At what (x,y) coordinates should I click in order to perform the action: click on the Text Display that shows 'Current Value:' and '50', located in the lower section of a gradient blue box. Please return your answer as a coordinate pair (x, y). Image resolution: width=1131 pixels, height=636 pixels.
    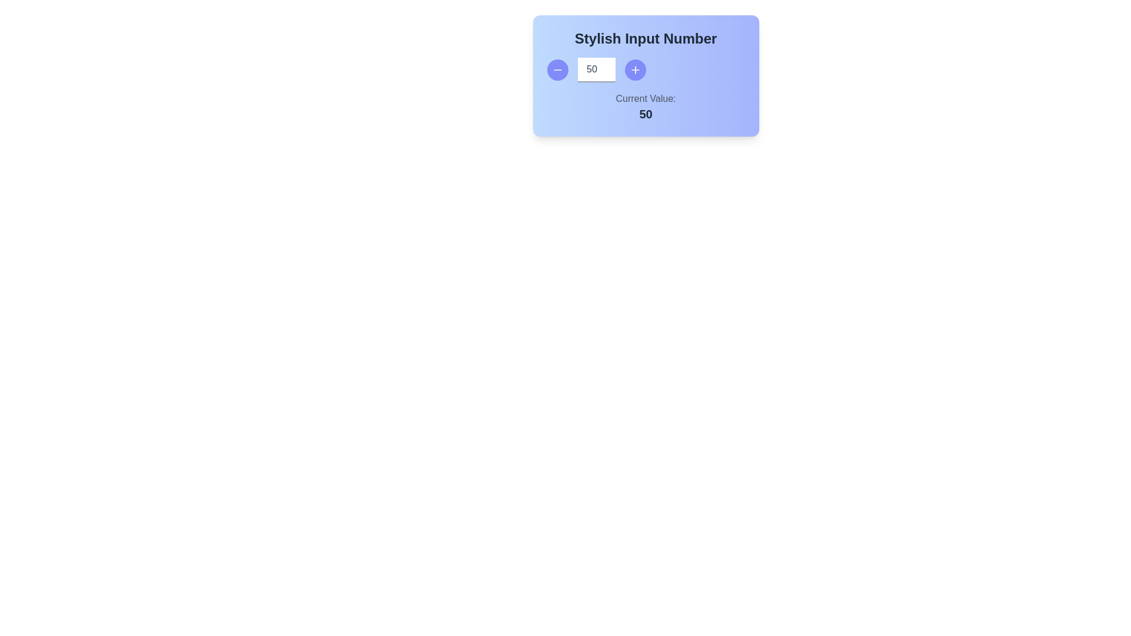
    Looking at the image, I should click on (645, 107).